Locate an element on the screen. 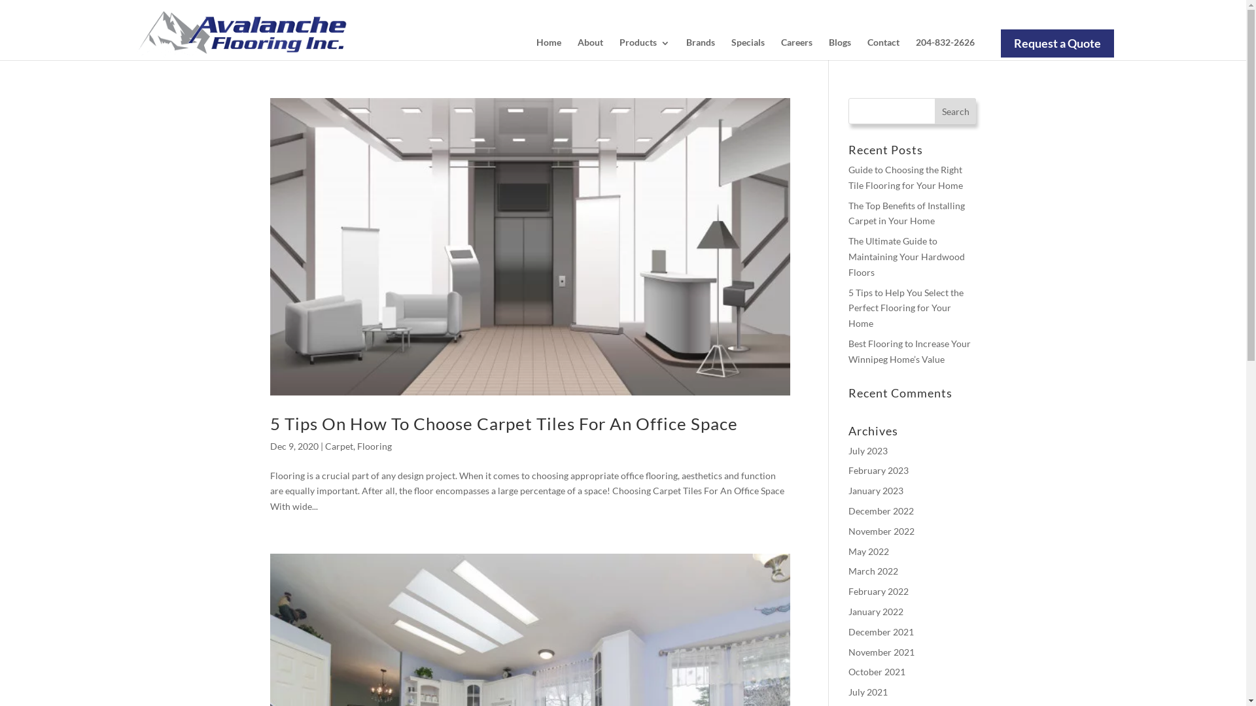 This screenshot has height=706, width=1256. 'May 2022' is located at coordinates (869, 551).